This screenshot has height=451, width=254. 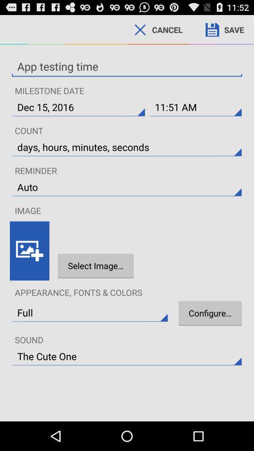 What do you see at coordinates (30, 268) in the screenshot?
I see `the wallpaper icon` at bounding box center [30, 268].